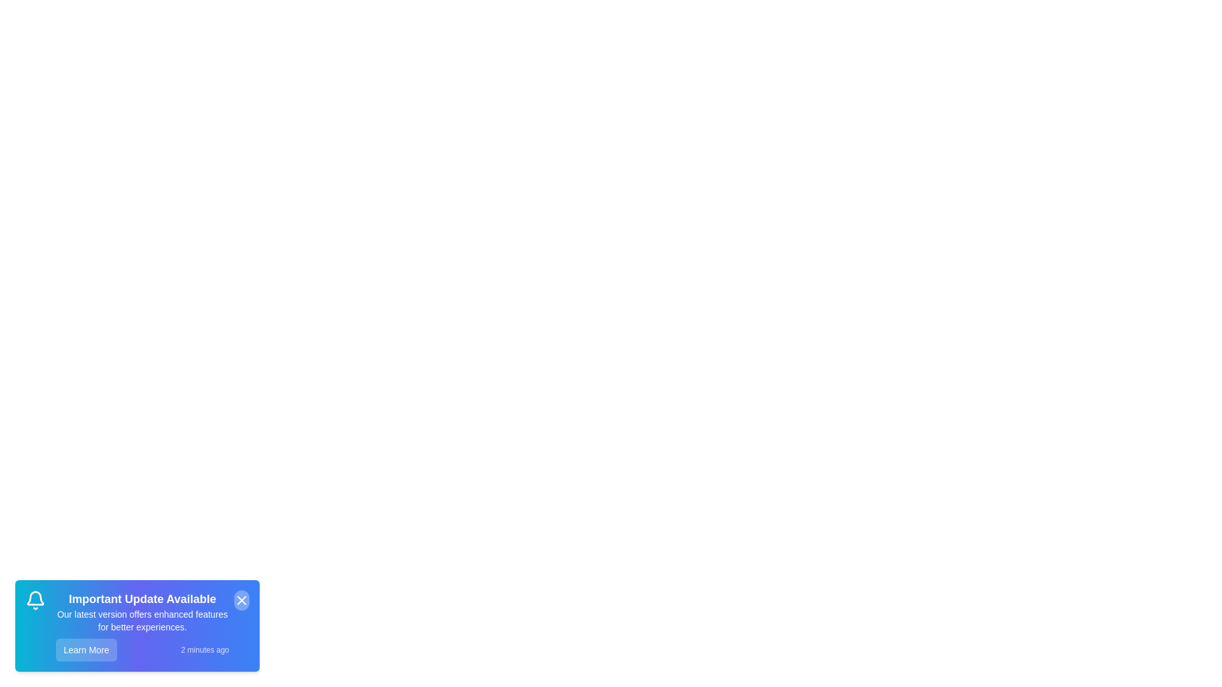 Image resolution: width=1222 pixels, height=687 pixels. I want to click on the notification icon to inspect it, so click(36, 600).